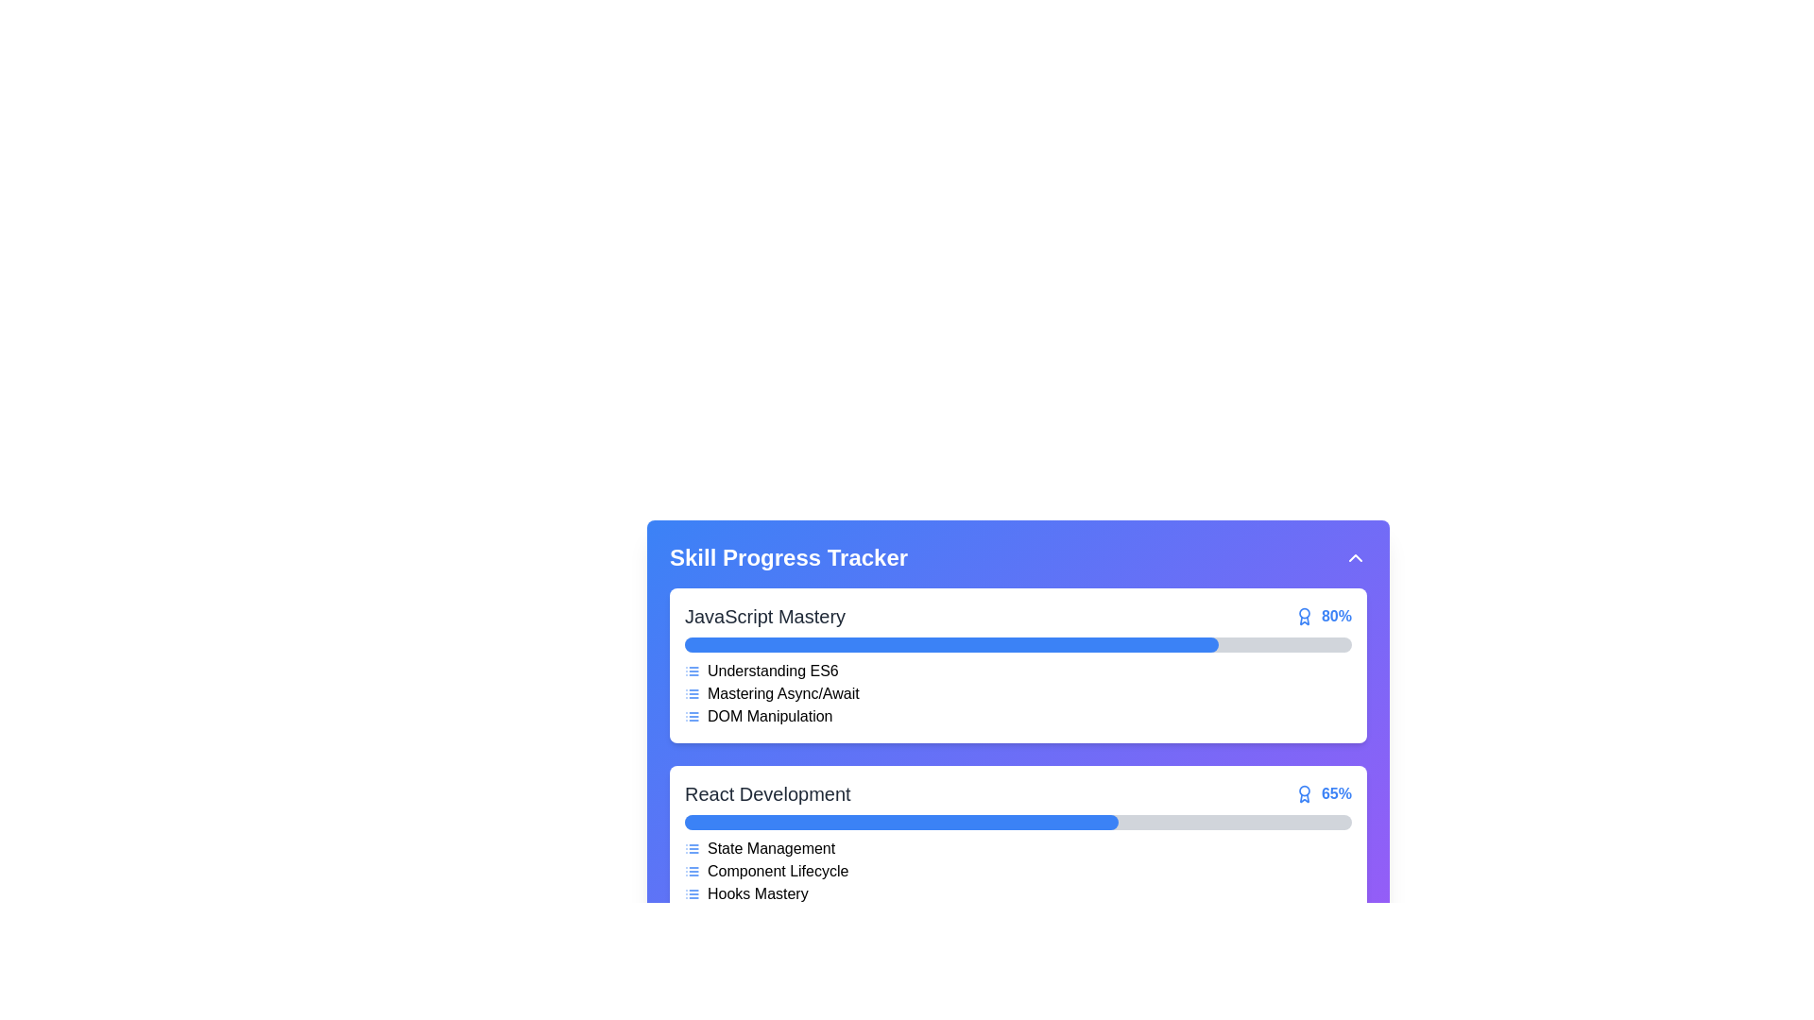  I want to click on the icon representing the category or type of content associated with the text 'Mastering Async/Await' in the 'JavaScript Mastery' section of the 'Skill Progress Tracker', so click(692, 694).